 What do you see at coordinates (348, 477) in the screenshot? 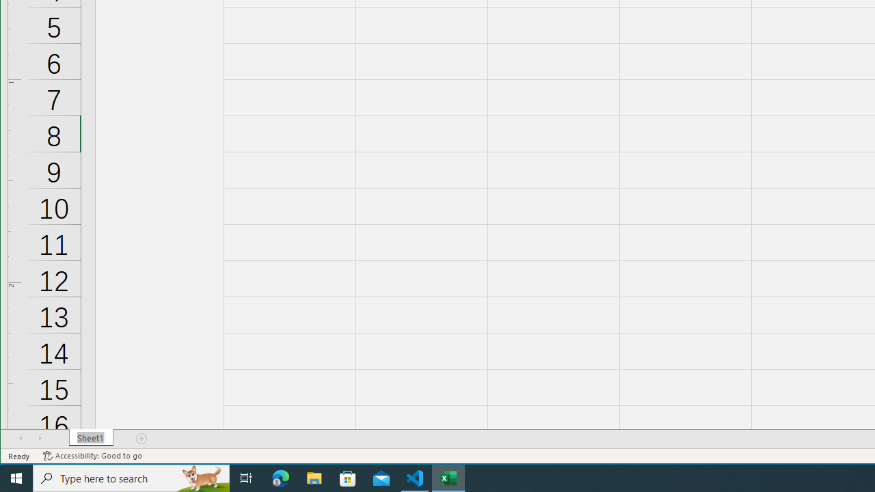
I see `'Microsoft Store'` at bounding box center [348, 477].